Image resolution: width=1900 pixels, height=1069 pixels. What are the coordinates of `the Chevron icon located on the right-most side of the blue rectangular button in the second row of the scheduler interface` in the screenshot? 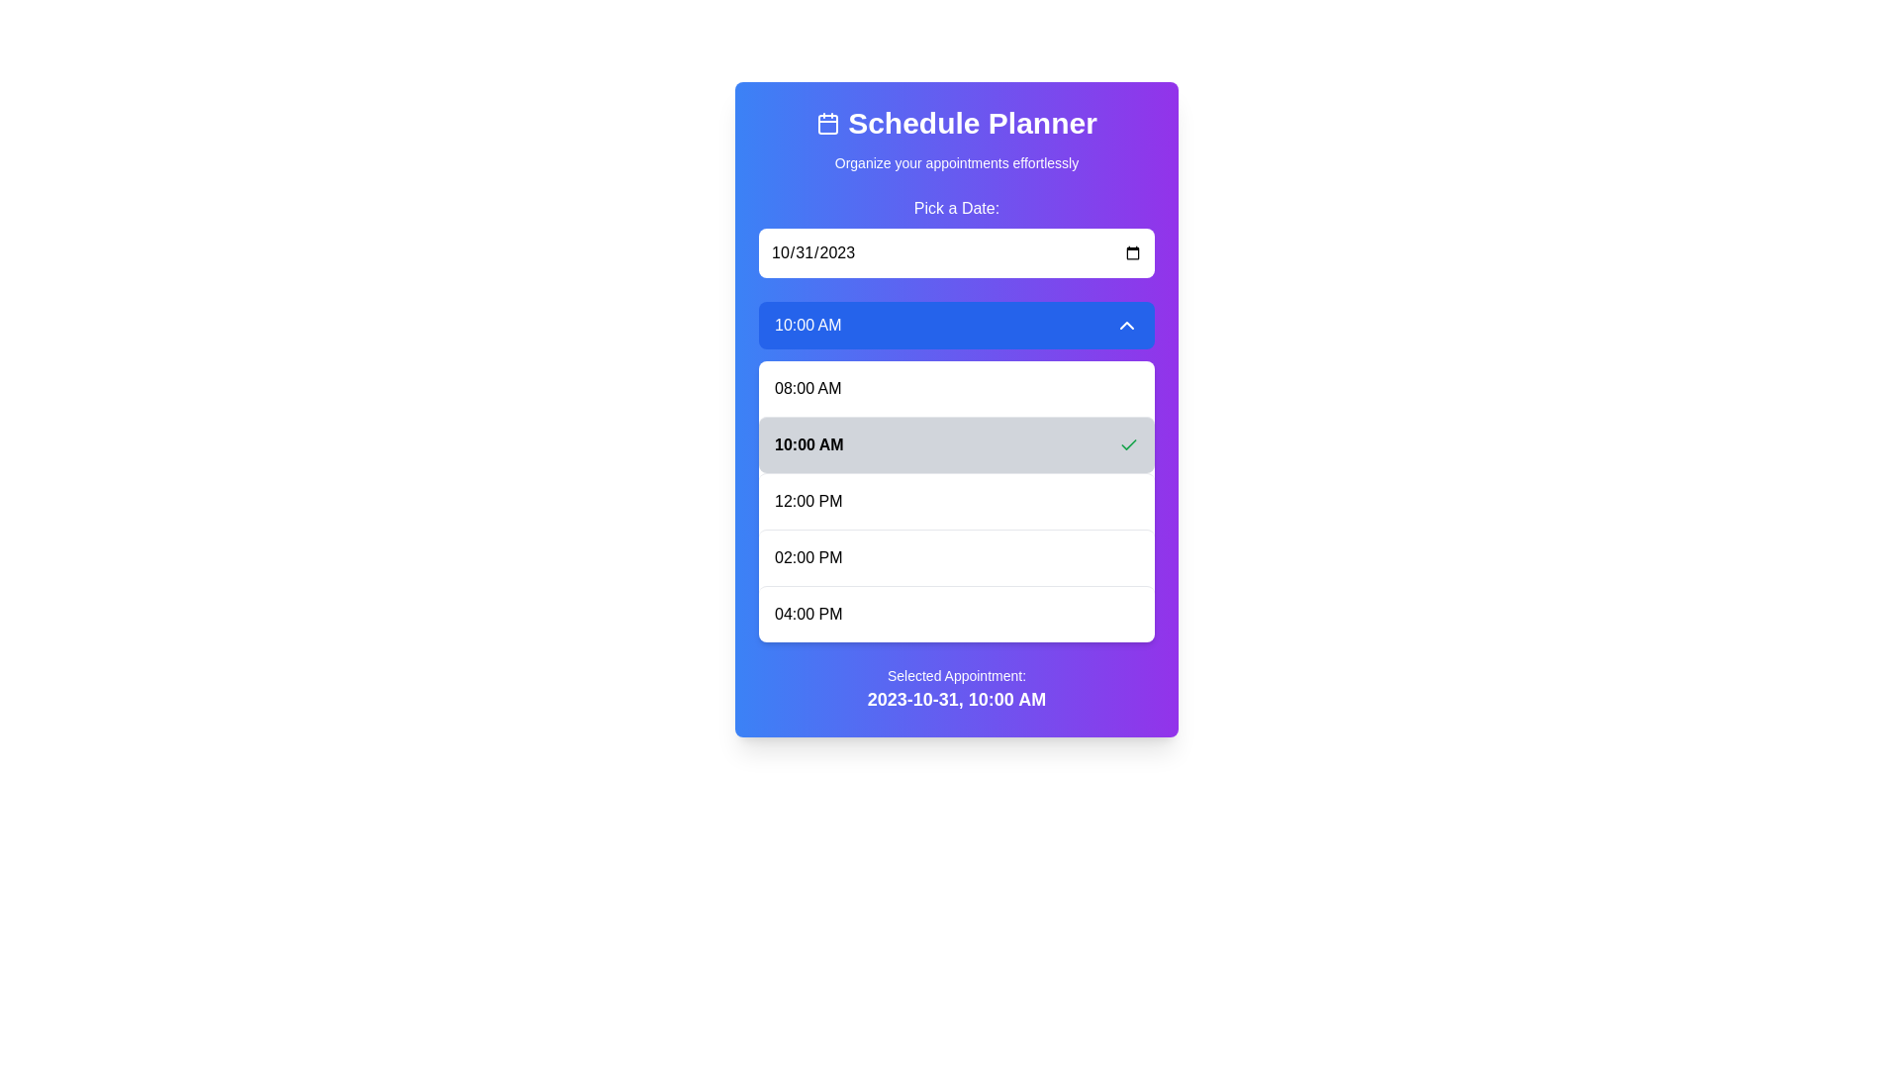 It's located at (1126, 324).